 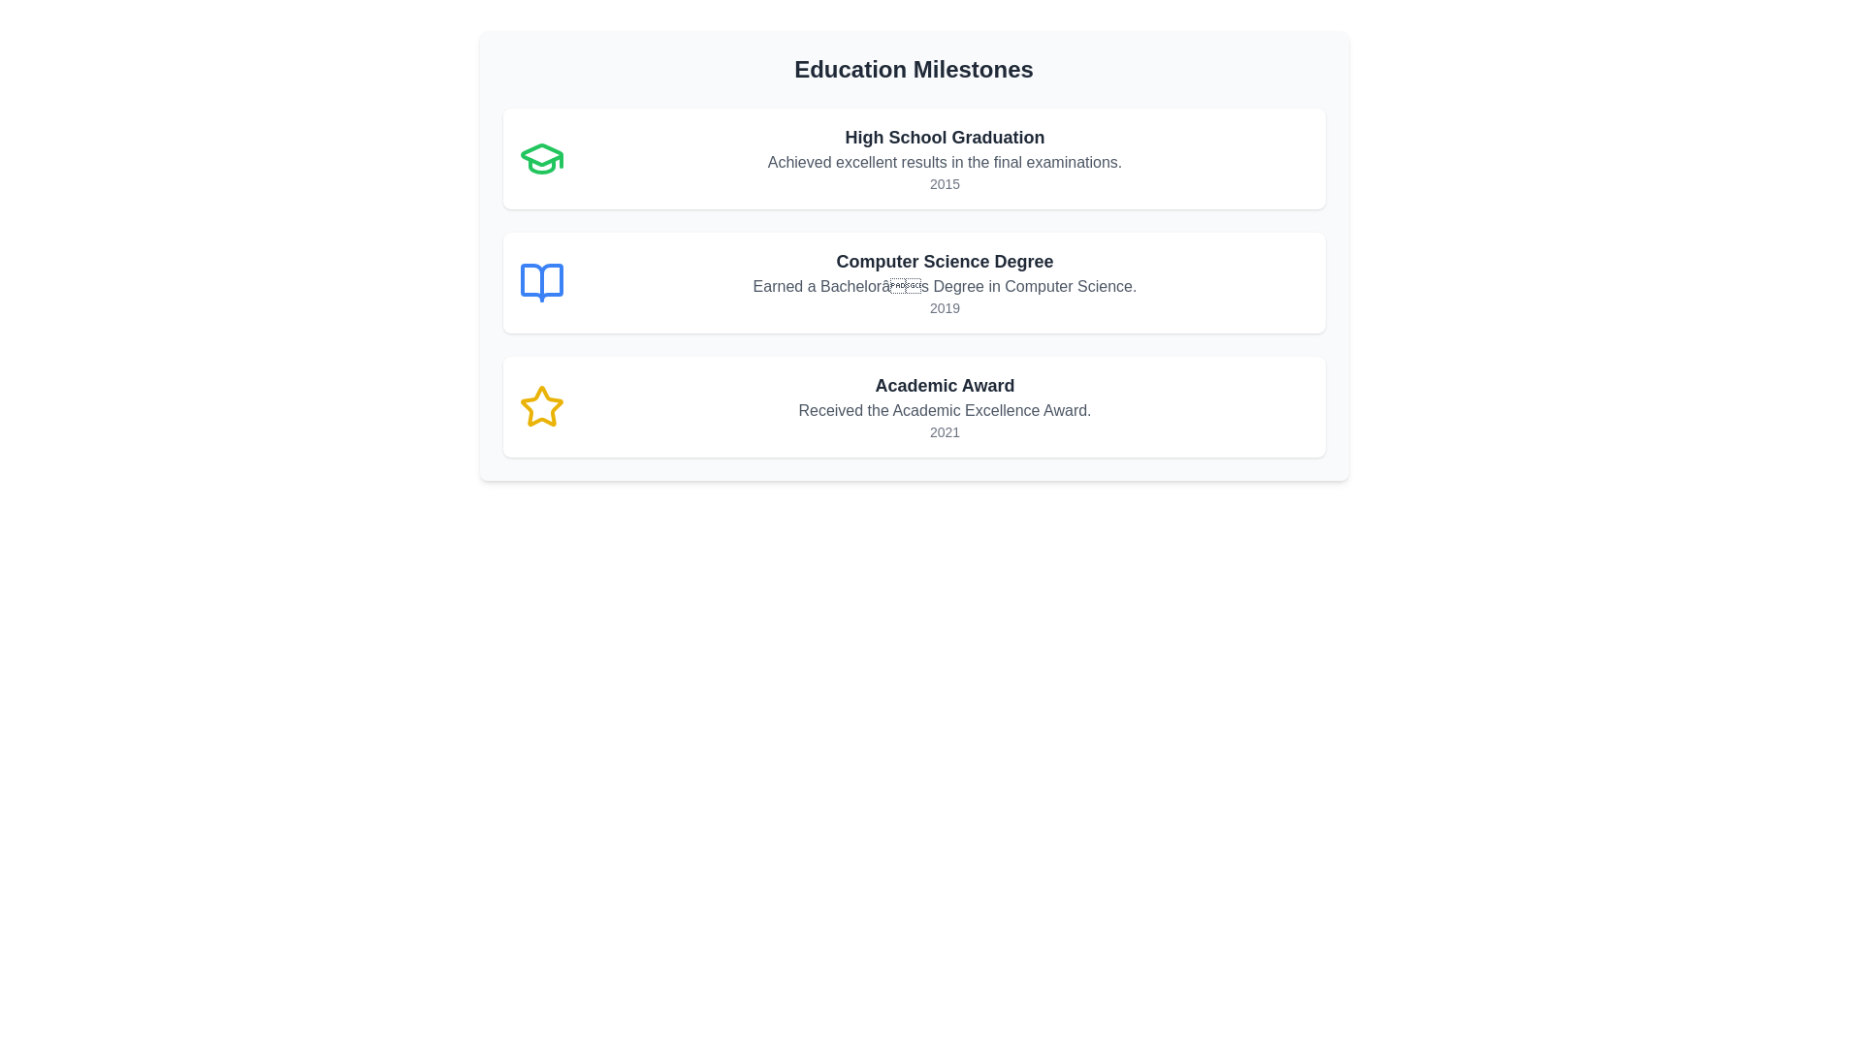 What do you see at coordinates (945, 431) in the screenshot?
I see `the Text Label displaying '2021' in a small, gray font, located under the 'Received the Academic Excellence Award.' text within the 'Academic Award' section of the 'Education Milestones' layout` at bounding box center [945, 431].